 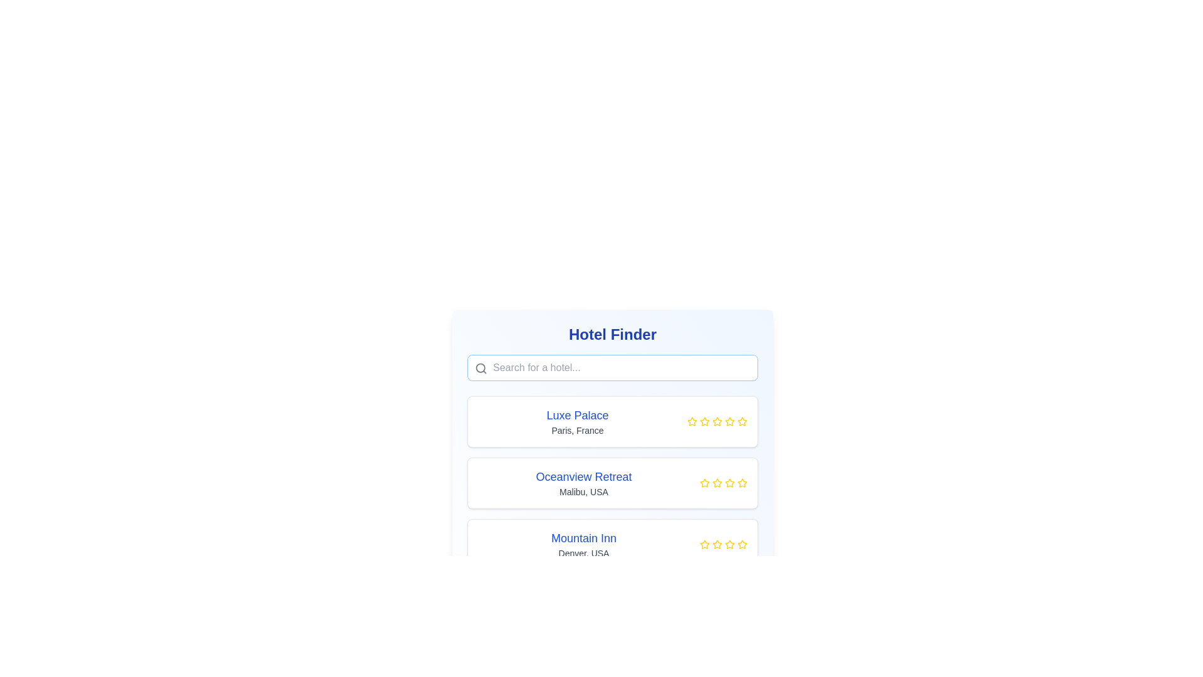 I want to click on the third entry in the 'Hotel Finder' interface, which displays a hotel name and its location along with a space for user ratings, so click(x=613, y=543).